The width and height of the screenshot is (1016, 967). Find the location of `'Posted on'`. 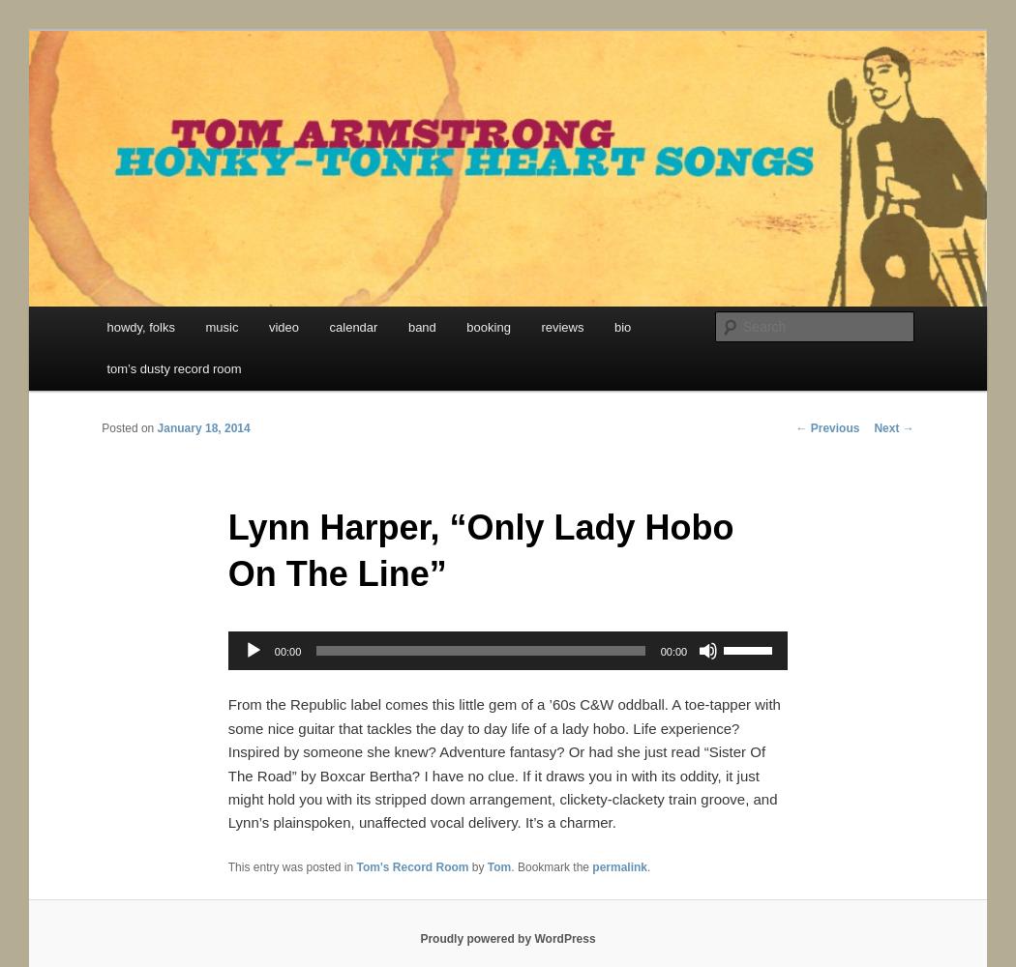

'Posted on' is located at coordinates (128, 427).